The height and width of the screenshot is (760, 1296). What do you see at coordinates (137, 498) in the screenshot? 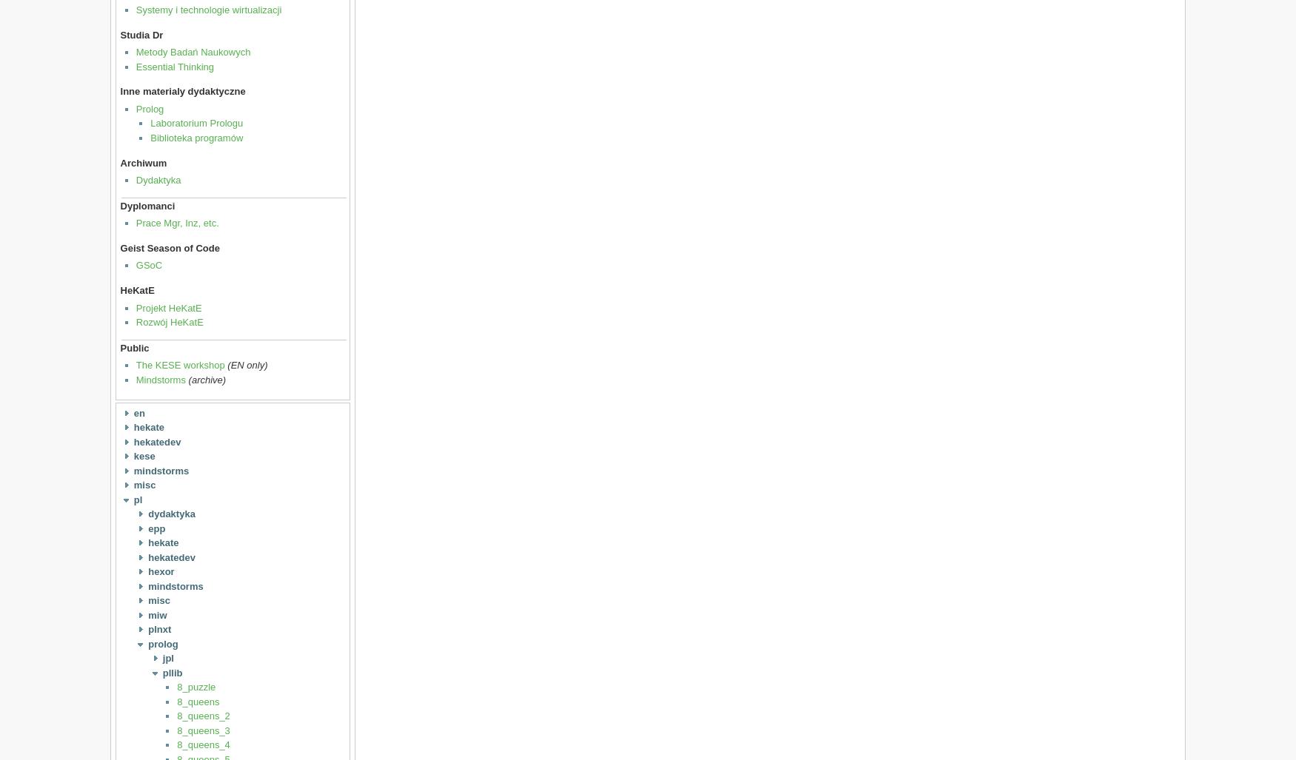
I see `'pl'` at bounding box center [137, 498].